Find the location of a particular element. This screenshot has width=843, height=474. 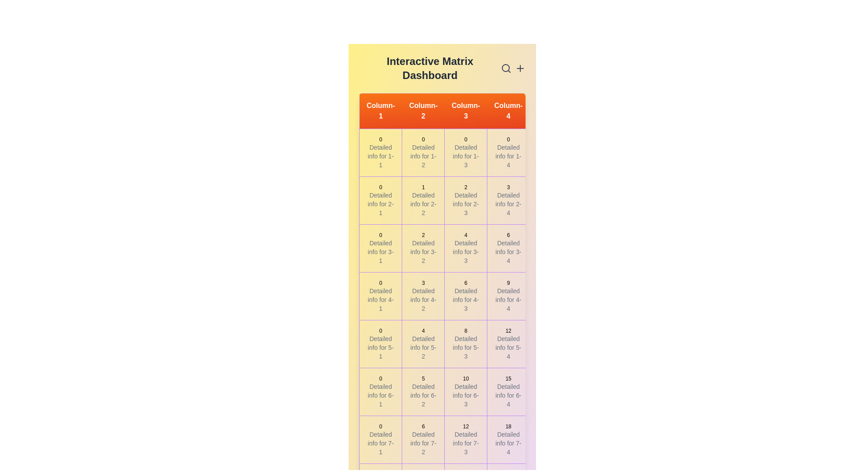

the search button in the header is located at coordinates (506, 68).